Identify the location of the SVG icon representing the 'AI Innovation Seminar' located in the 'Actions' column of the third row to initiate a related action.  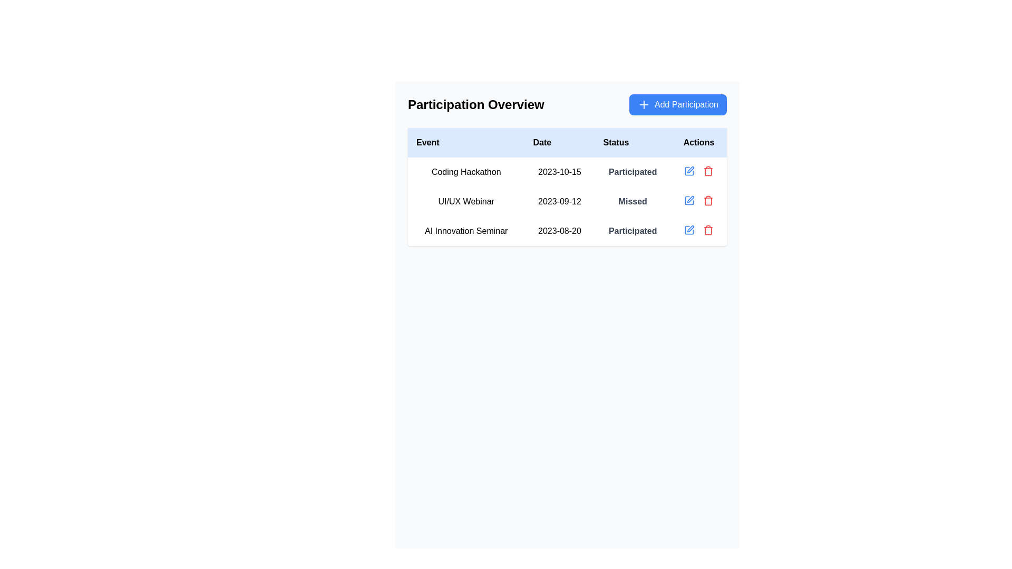
(689, 229).